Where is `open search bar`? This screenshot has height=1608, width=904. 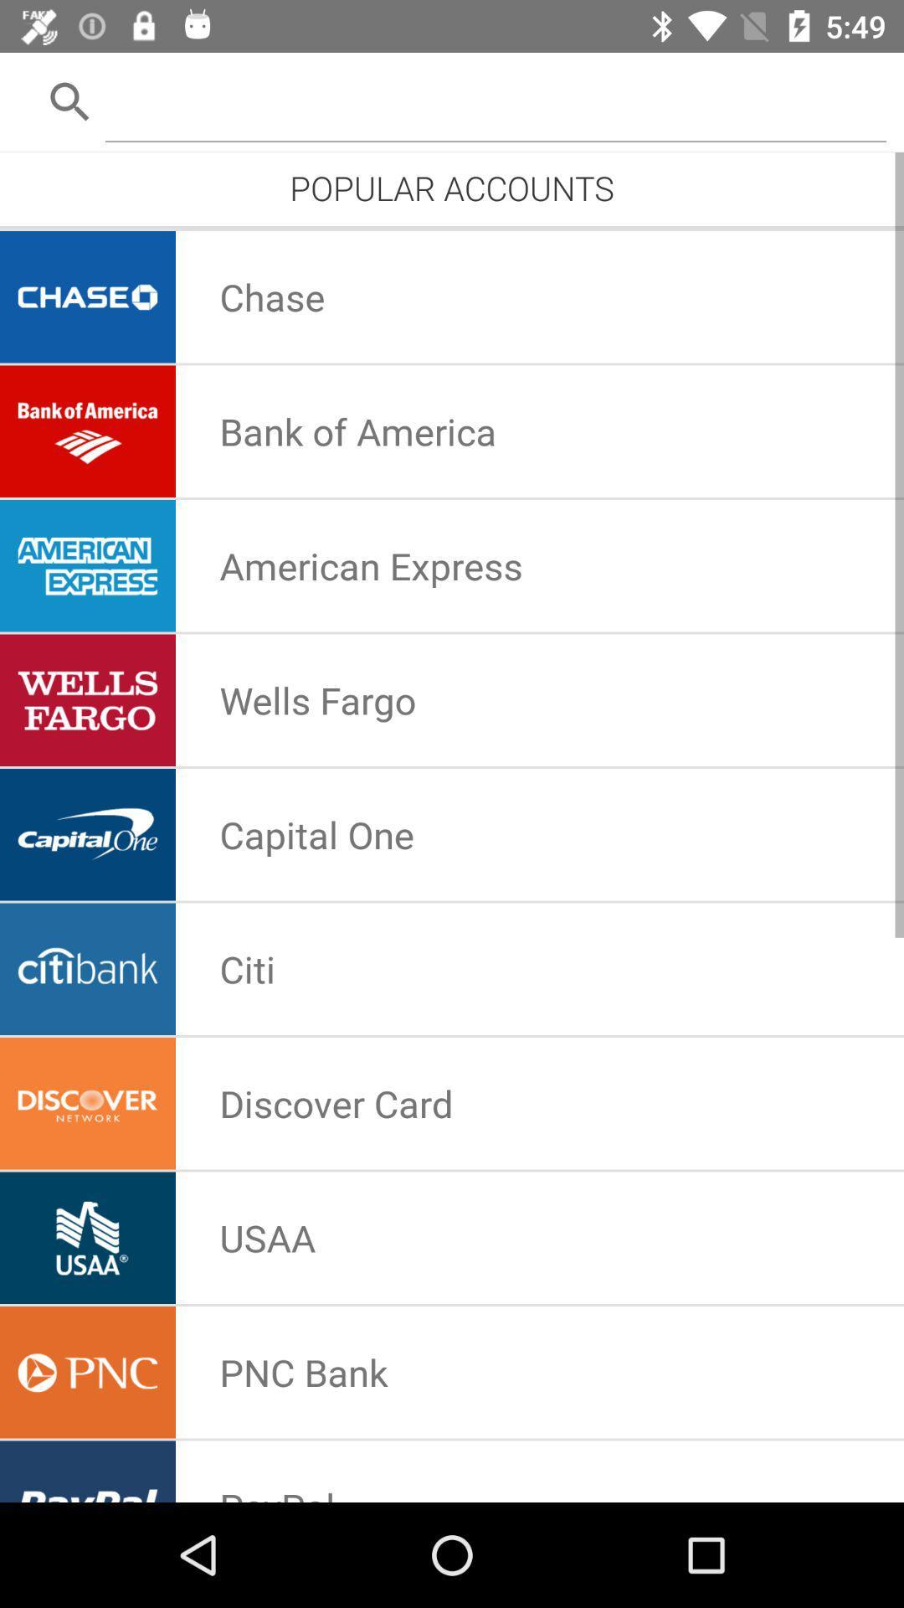
open search bar is located at coordinates (495, 100).